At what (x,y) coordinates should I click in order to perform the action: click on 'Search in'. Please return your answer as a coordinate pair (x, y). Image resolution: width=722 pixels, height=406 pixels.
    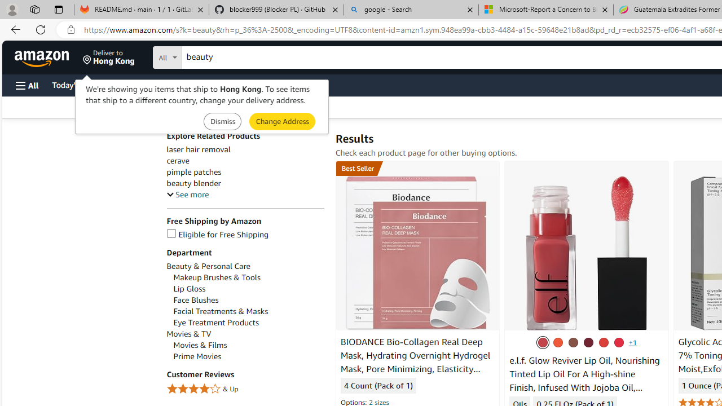
    Looking at the image, I should click on (209, 56).